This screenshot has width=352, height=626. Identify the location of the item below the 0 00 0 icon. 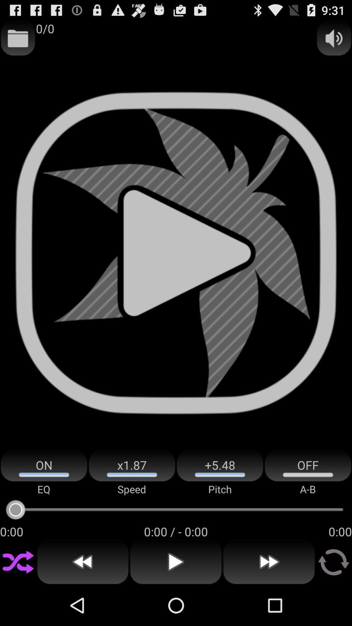
(82, 562).